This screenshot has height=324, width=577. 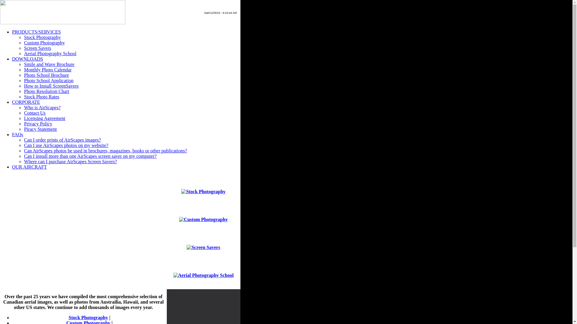 I want to click on 'CORPORATE', so click(x=26, y=102).